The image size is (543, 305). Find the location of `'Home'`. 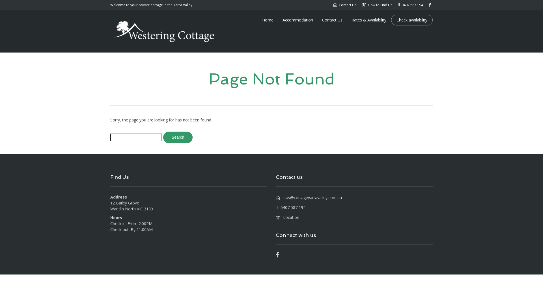

'Home' is located at coordinates (267, 19).